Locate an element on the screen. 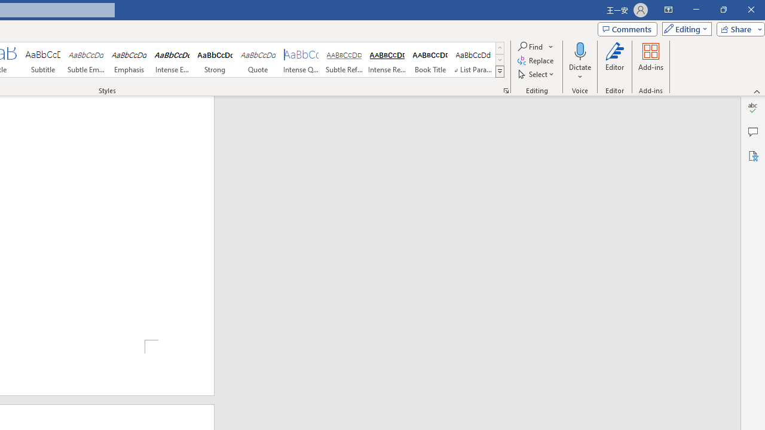 Image resolution: width=765 pixels, height=430 pixels. 'Intense Emphasis' is located at coordinates (172, 60).